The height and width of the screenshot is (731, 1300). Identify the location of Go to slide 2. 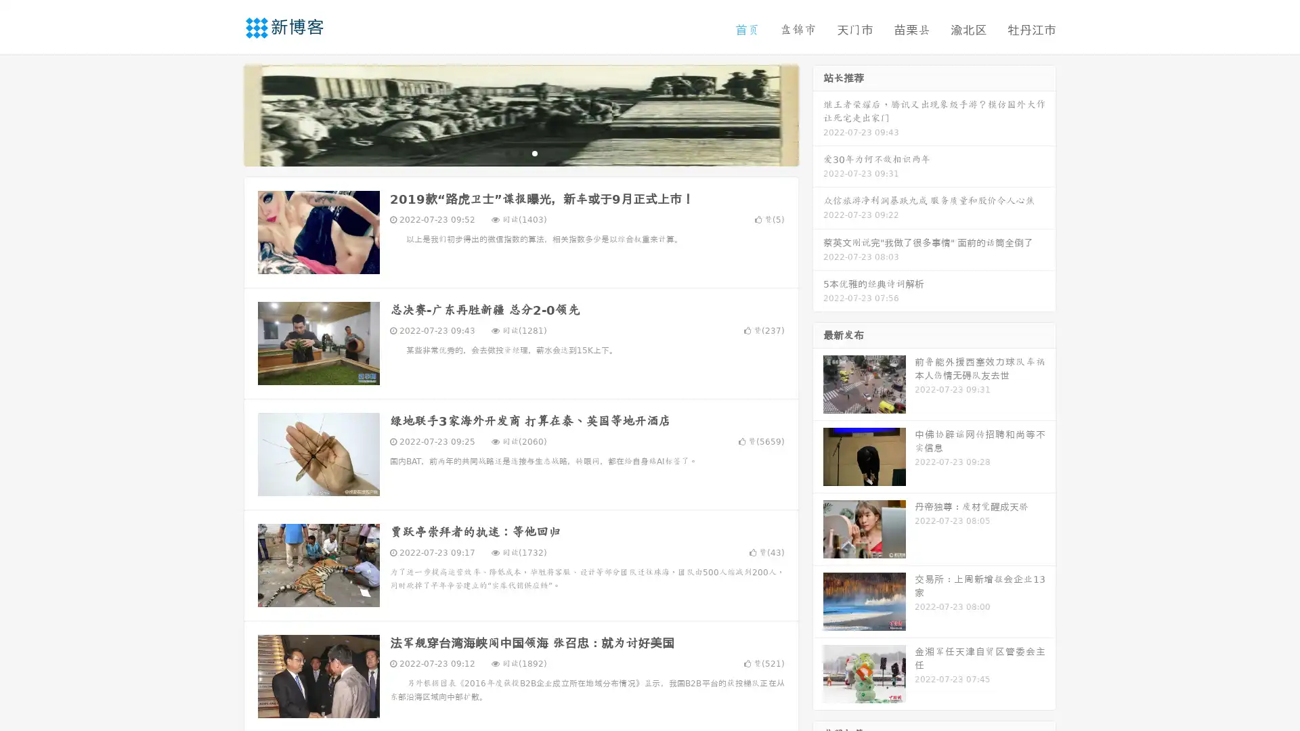
(520, 152).